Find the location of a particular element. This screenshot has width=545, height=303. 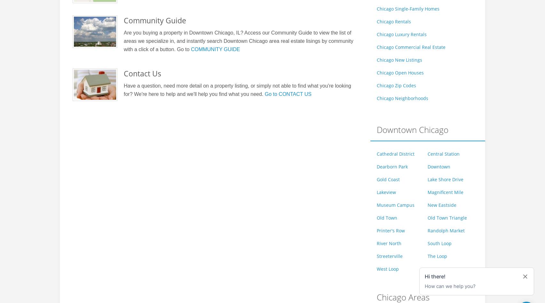

'Chicago Zip Codes' is located at coordinates (396, 85).